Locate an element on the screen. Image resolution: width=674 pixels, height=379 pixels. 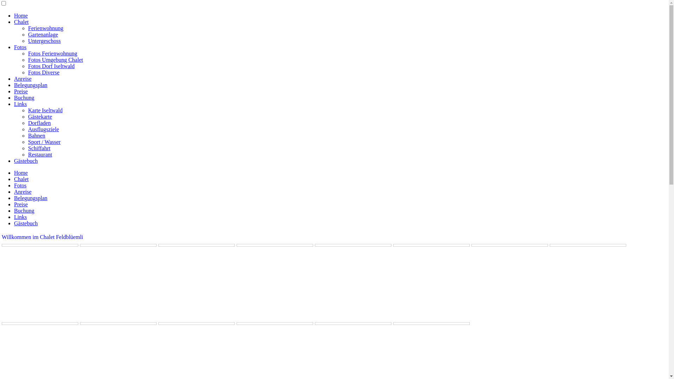
'Restaurant' is located at coordinates (28, 154).